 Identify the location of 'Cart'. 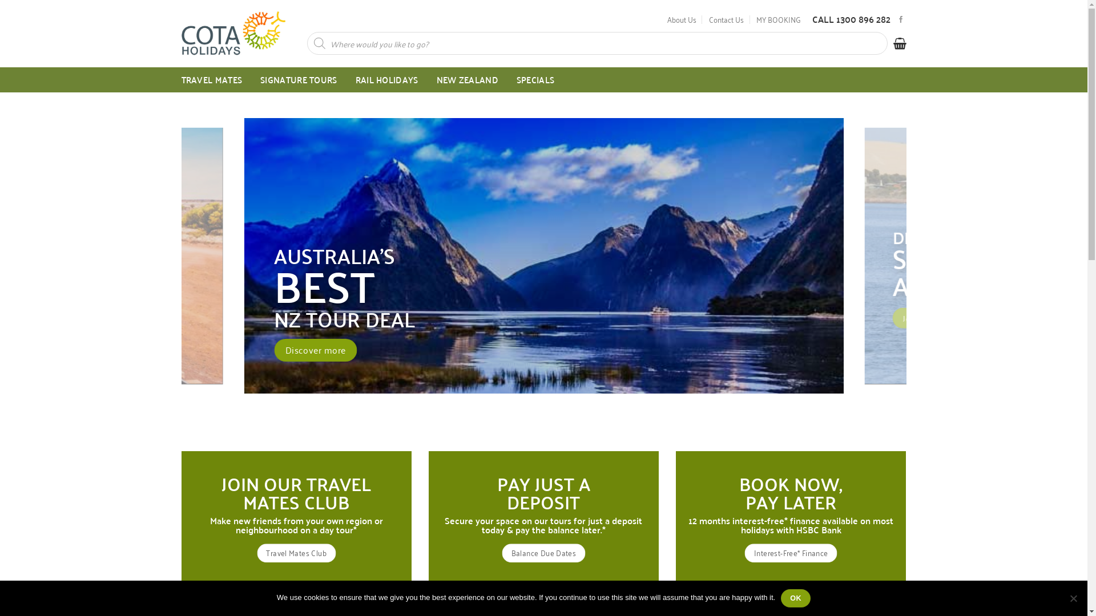
(898, 43).